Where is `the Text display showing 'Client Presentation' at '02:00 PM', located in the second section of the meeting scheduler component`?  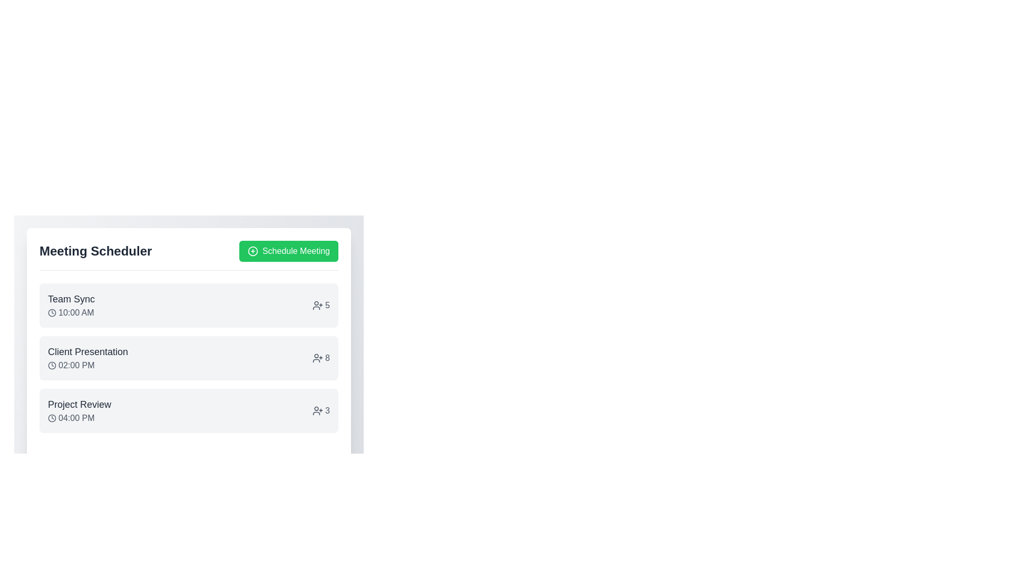 the Text display showing 'Client Presentation' at '02:00 PM', located in the second section of the meeting scheduler component is located at coordinates (88, 357).